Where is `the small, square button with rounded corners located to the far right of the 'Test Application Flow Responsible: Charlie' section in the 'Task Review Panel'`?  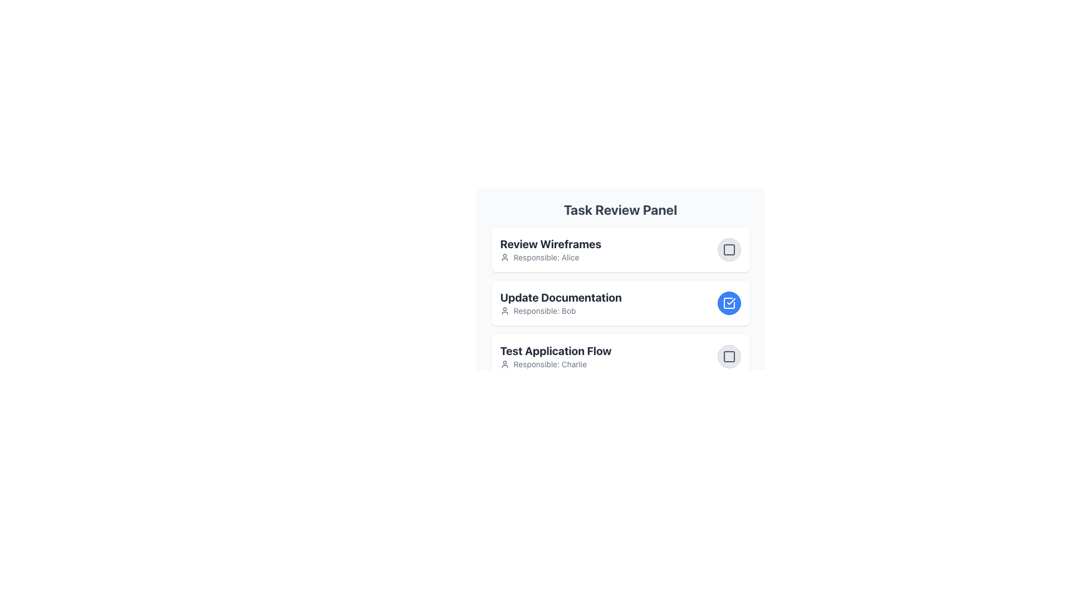
the small, square button with rounded corners located to the far right of the 'Test Application Flow Responsible: Charlie' section in the 'Task Review Panel' is located at coordinates (729, 356).